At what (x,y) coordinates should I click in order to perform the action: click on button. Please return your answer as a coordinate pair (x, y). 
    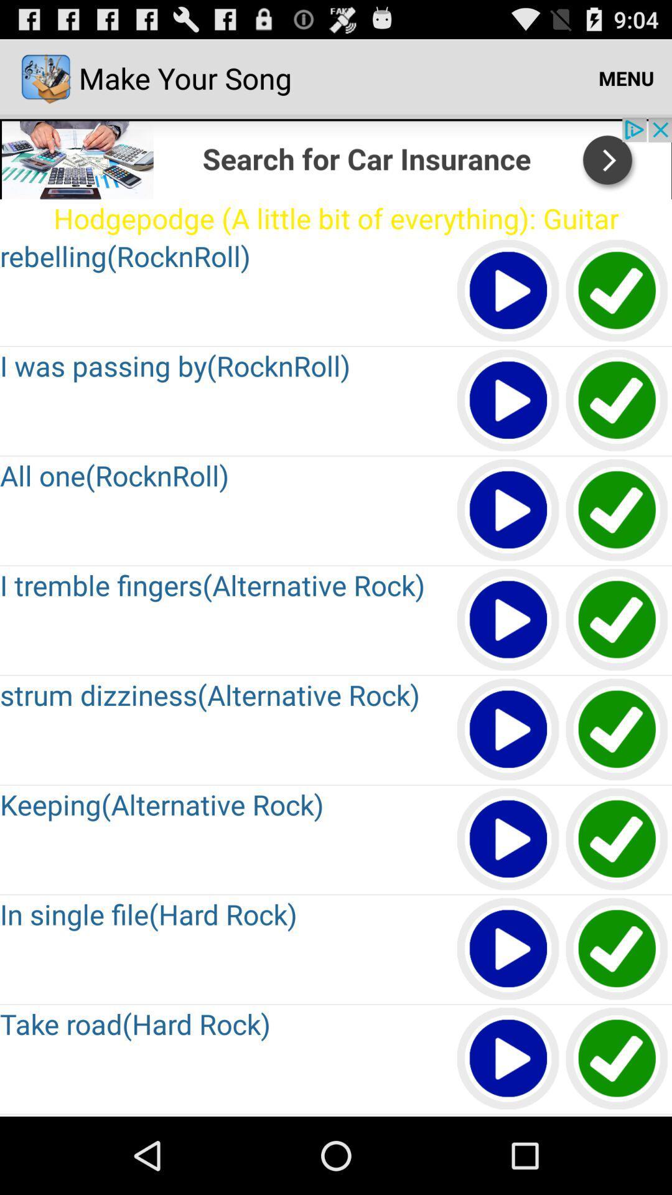
    Looking at the image, I should click on (508, 730).